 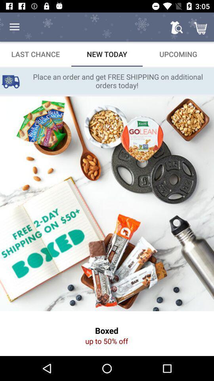 I want to click on the cart icon, so click(x=201, y=27).